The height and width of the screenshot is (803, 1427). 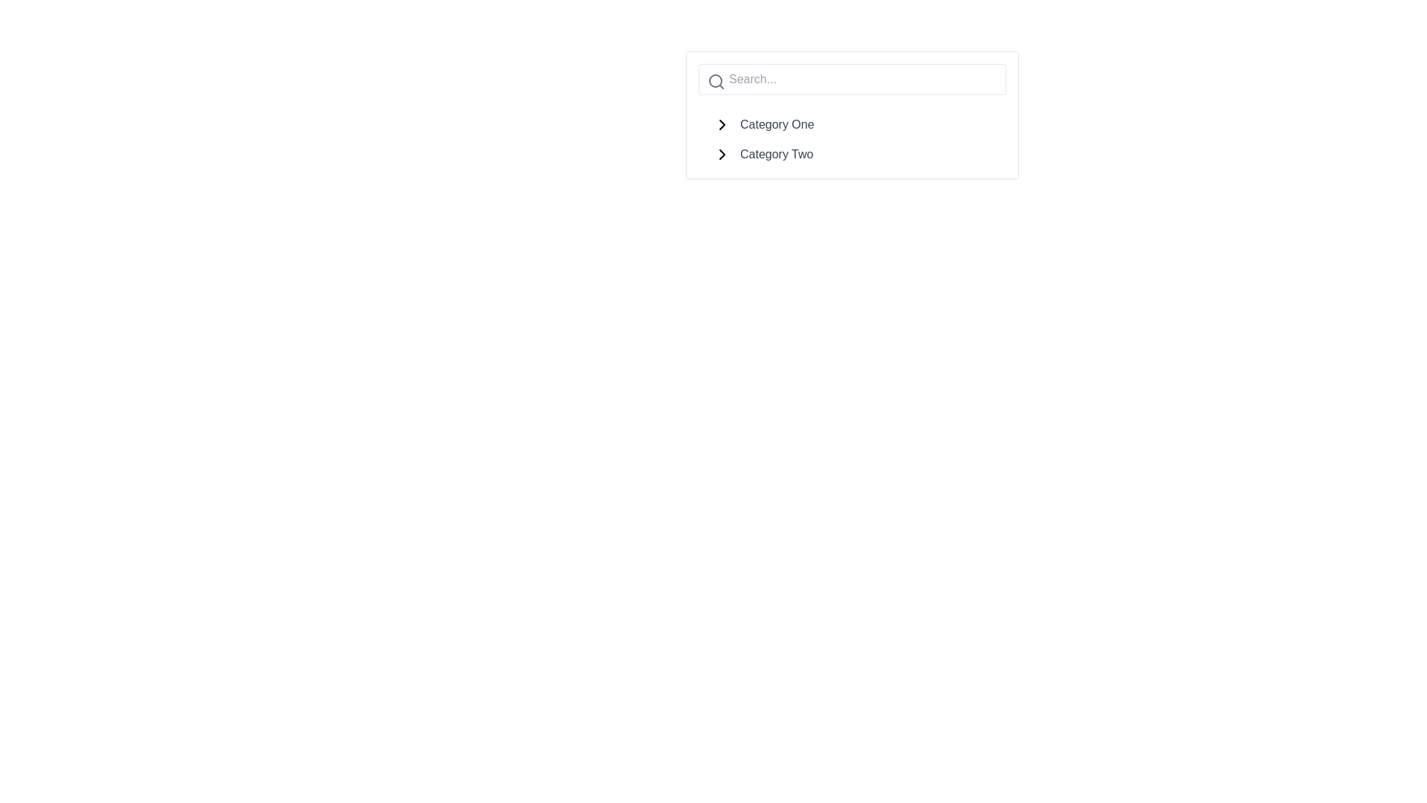 I want to click on search icon located on the left inside the search text input field, slightly above and to the left of the placeholder text 'Search...' for its accessibility label, so click(x=716, y=82).